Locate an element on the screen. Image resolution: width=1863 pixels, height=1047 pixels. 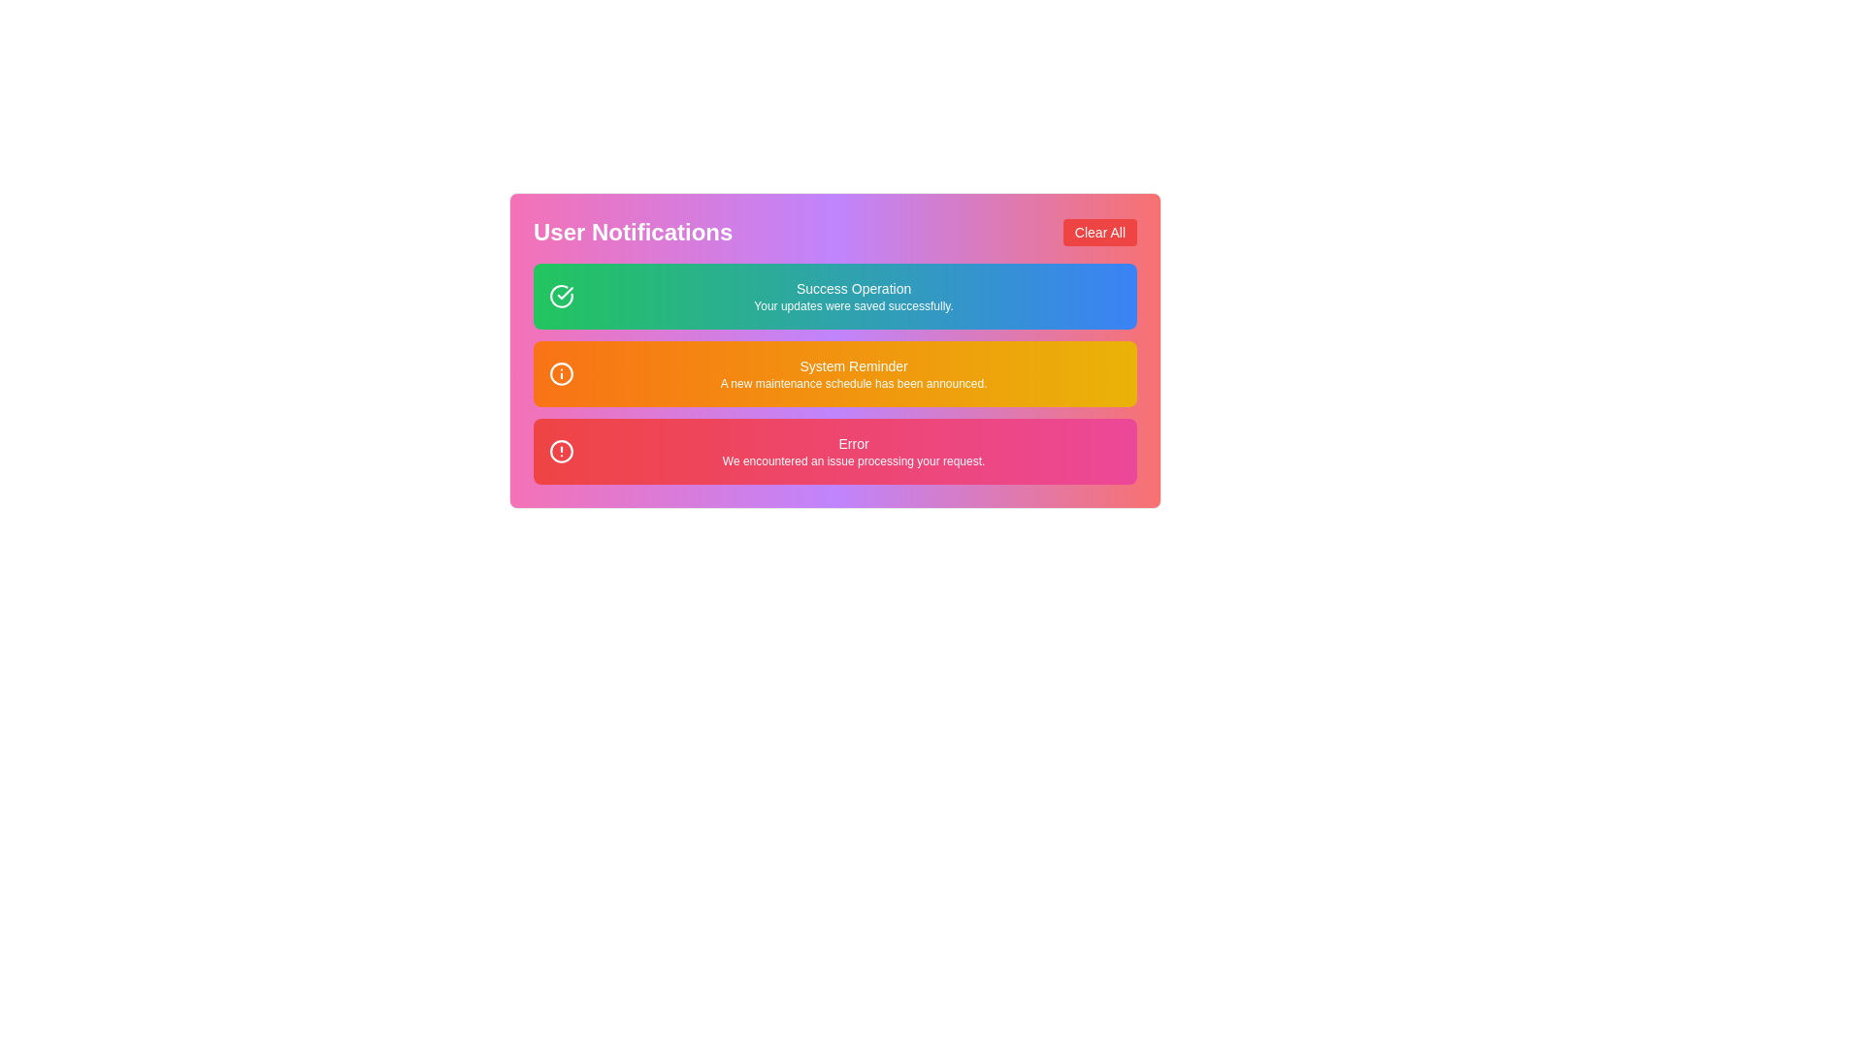
the circular success icon with a checkmark, located at the top-left corner of the notification block labeled 'Success Operation' is located at coordinates (561, 296).